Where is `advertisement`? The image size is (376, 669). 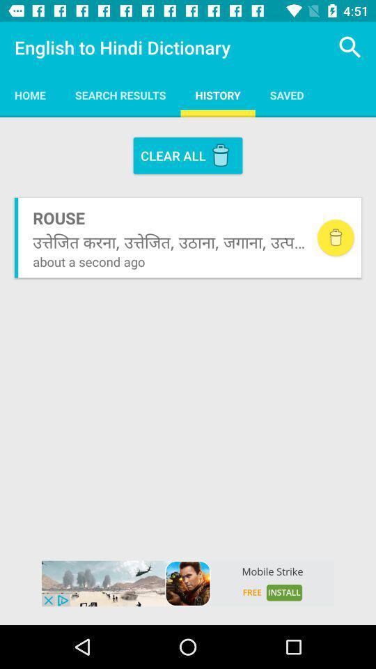
advertisement is located at coordinates (188, 583).